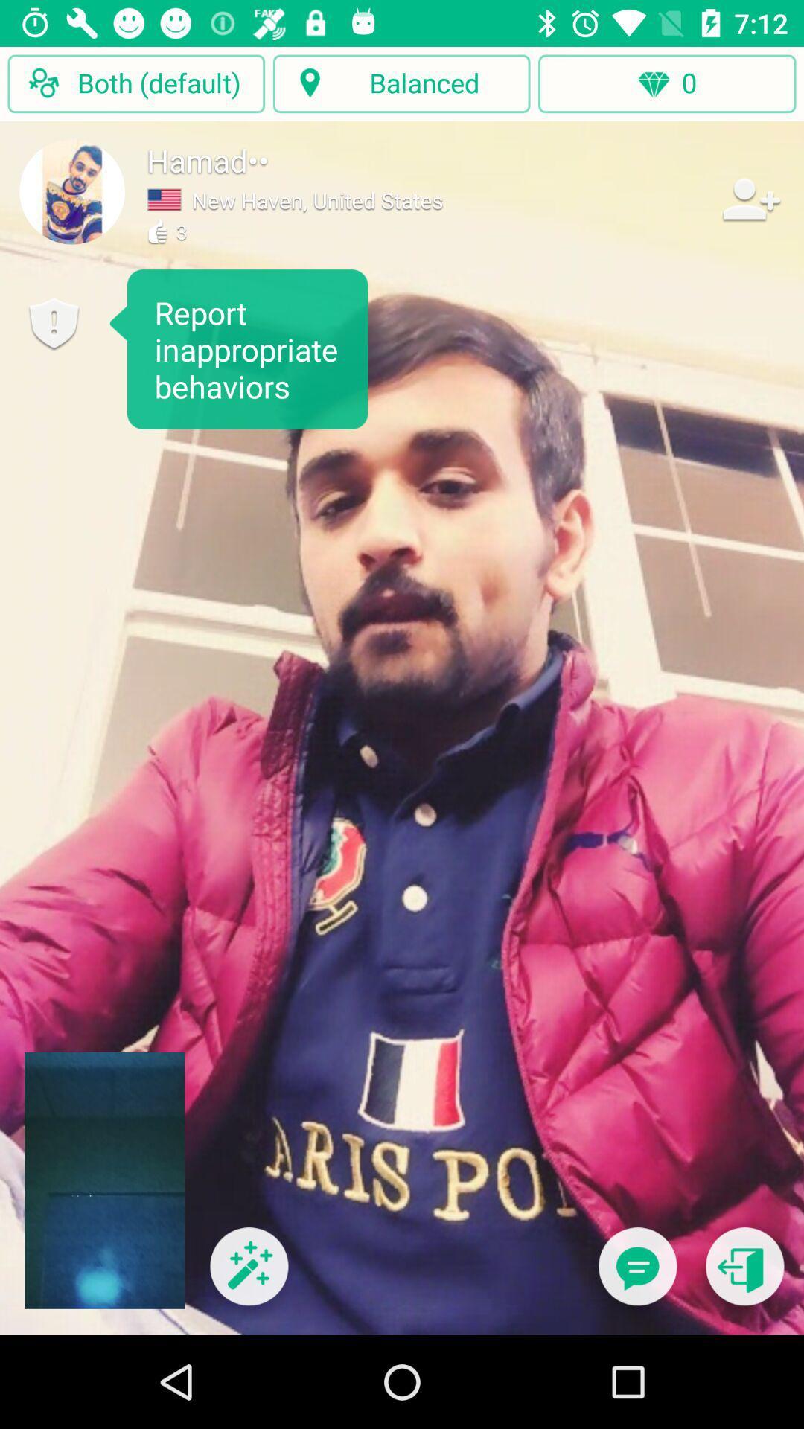 The width and height of the screenshot is (804, 1429). I want to click on image effects, so click(248, 1275).